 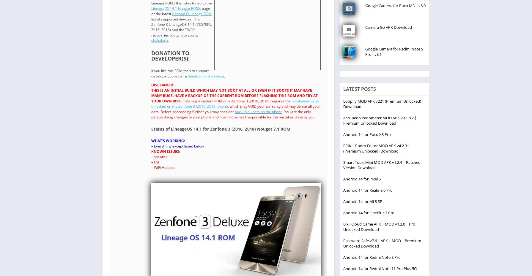 What do you see at coordinates (382, 165) in the screenshot?
I see `'Smart Tools Mini MOD APK v1.2.4 | Patched Version Download'` at bounding box center [382, 165].